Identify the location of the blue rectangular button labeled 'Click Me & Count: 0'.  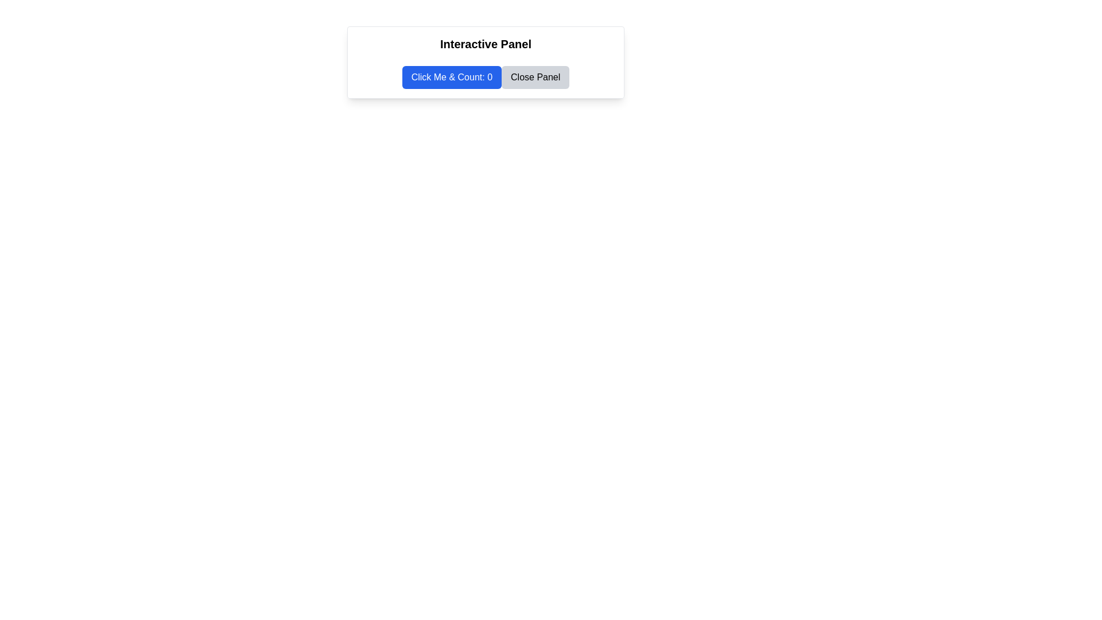
(451, 77).